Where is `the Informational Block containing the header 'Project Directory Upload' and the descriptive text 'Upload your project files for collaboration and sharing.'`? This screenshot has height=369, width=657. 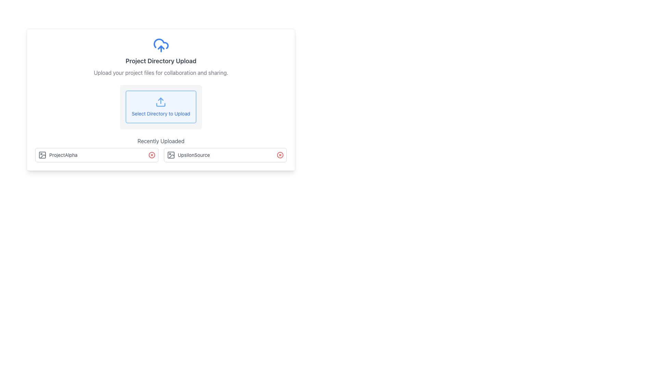
the Informational Block containing the header 'Project Directory Upload' and the descriptive text 'Upload your project files for collaboration and sharing.' is located at coordinates (160, 56).